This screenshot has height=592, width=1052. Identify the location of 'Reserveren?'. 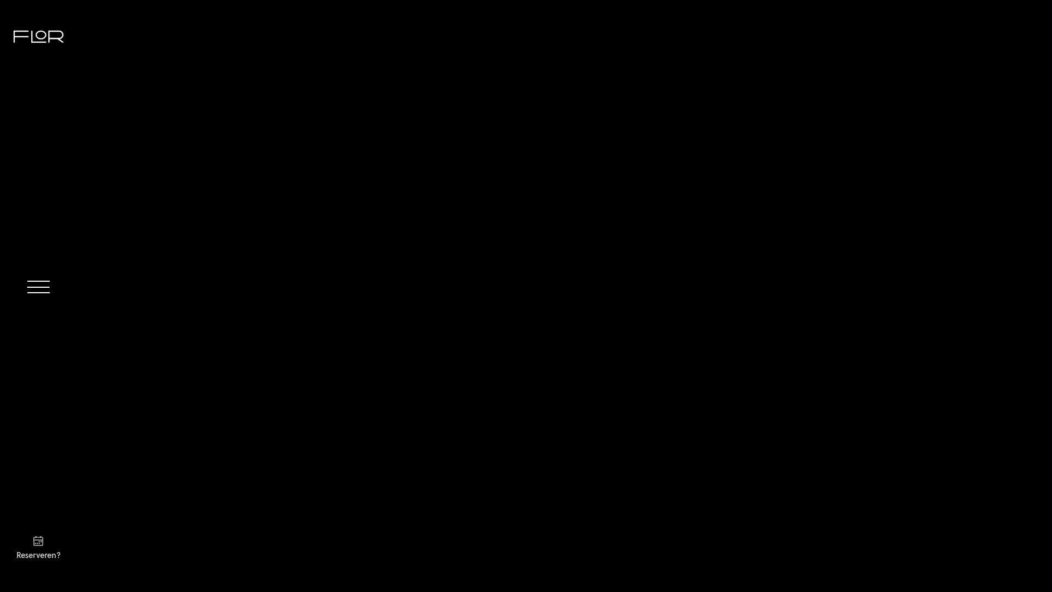
(38, 546).